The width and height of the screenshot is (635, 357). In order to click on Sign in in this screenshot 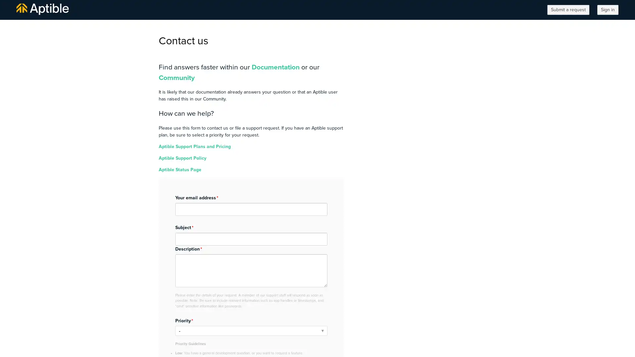, I will do `click(608, 10)`.